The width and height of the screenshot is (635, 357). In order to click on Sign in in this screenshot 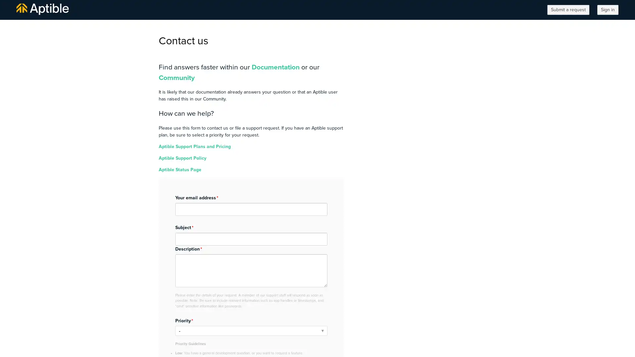, I will do `click(608, 10)`.